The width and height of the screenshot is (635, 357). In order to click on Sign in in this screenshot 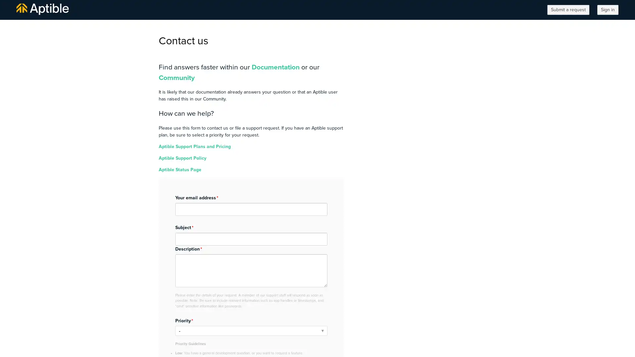, I will do `click(608, 10)`.